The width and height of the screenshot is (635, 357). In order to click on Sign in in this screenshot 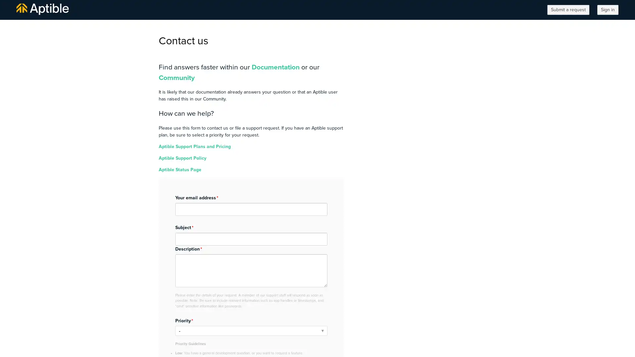, I will do `click(608, 10)`.